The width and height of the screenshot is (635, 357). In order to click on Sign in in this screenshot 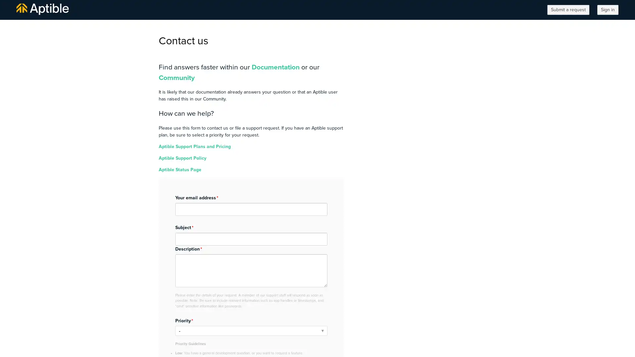, I will do `click(608, 10)`.